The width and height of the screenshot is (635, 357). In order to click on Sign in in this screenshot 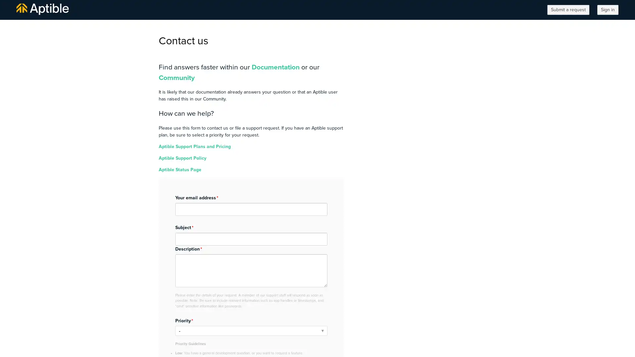, I will do `click(608, 10)`.